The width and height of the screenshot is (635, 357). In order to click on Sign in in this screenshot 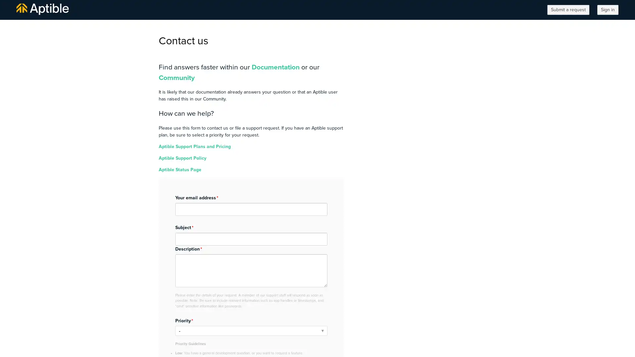, I will do `click(608, 10)`.